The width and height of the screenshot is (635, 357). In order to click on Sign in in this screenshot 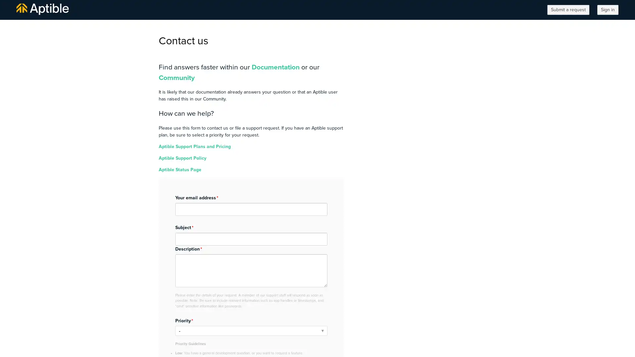, I will do `click(608, 10)`.